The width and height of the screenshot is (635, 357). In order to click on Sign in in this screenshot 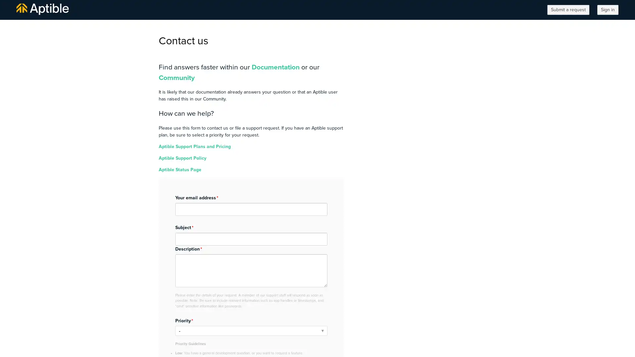, I will do `click(608, 10)`.